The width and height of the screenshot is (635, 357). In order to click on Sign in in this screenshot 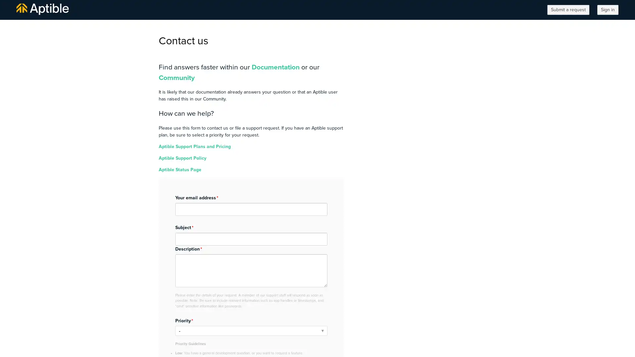, I will do `click(608, 10)`.